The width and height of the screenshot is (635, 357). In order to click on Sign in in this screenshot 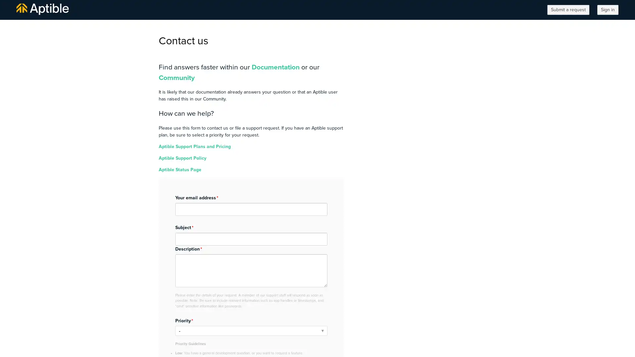, I will do `click(608, 10)`.